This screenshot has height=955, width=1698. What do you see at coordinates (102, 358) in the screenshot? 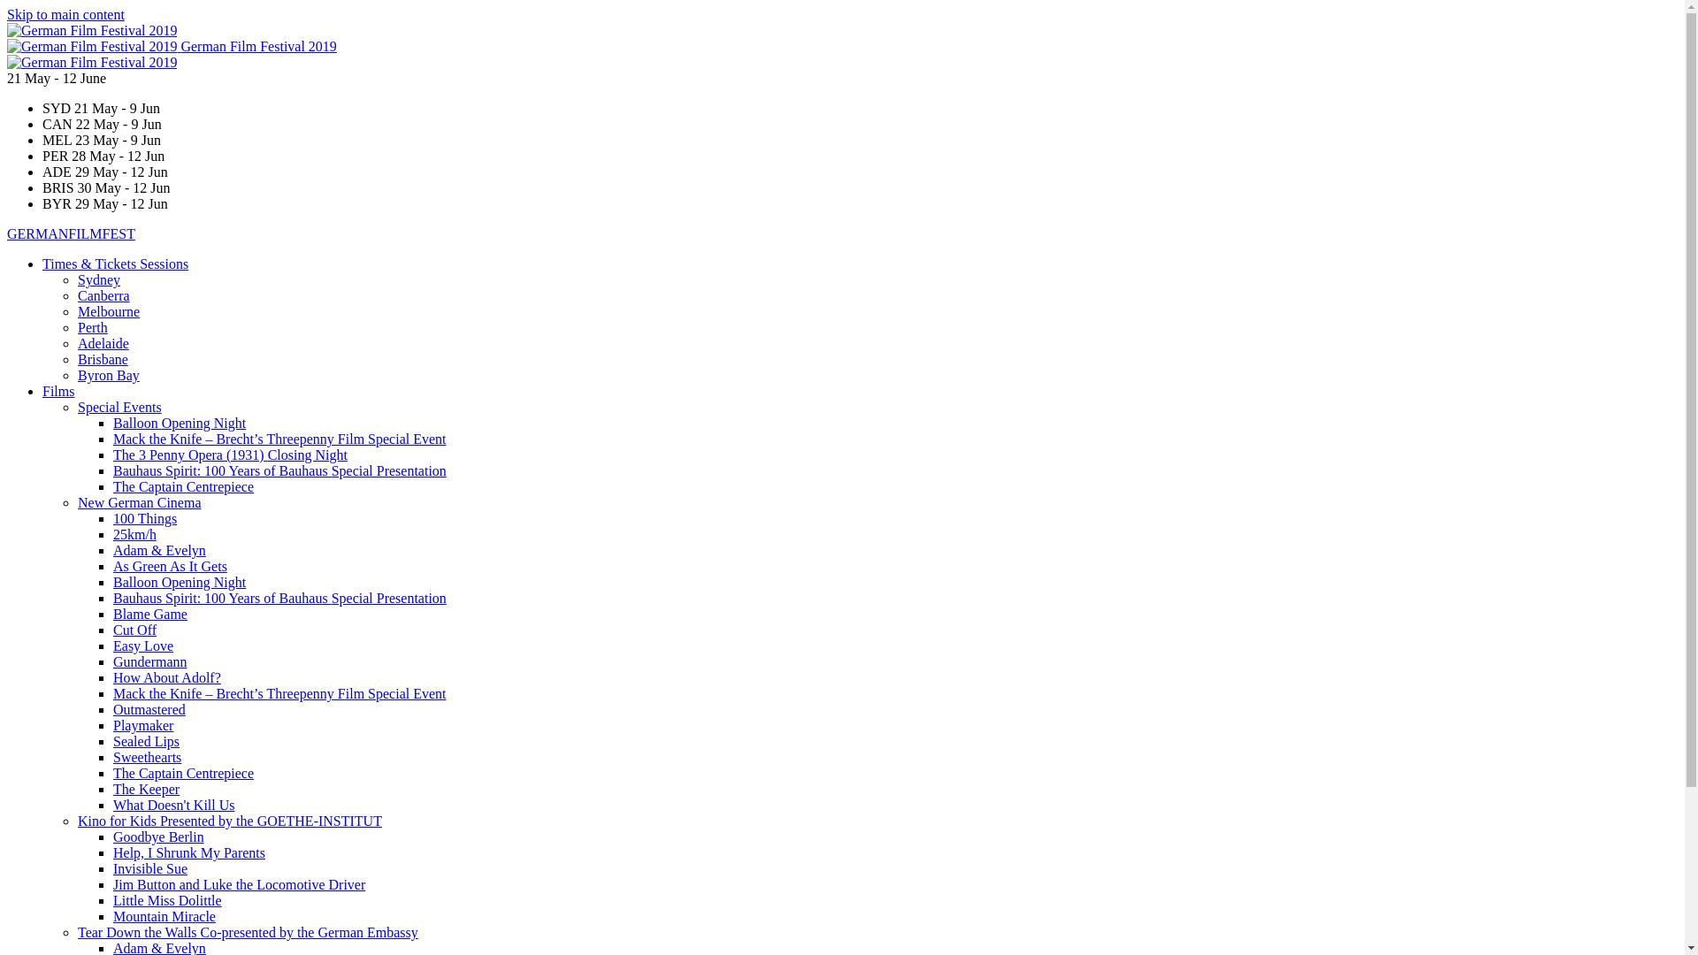
I see `'Brisbane'` at bounding box center [102, 358].